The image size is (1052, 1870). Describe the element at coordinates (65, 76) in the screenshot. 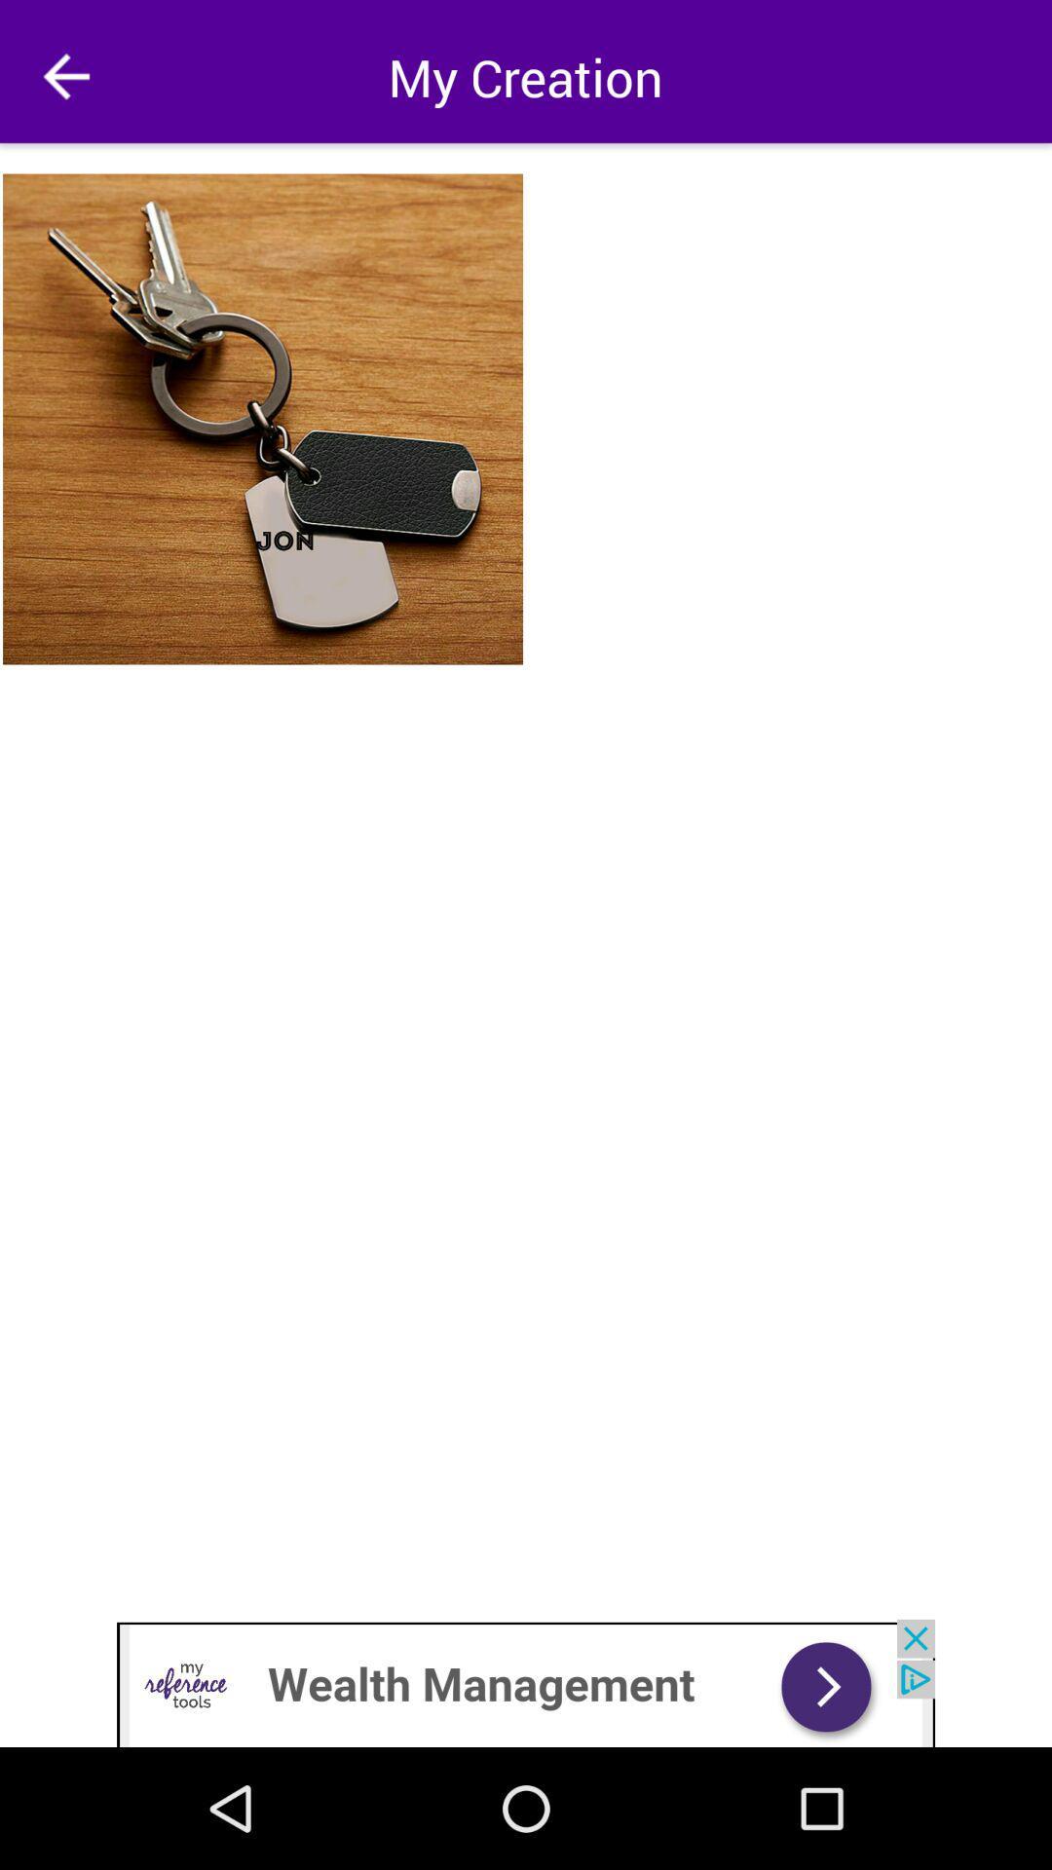

I see `go back` at that location.